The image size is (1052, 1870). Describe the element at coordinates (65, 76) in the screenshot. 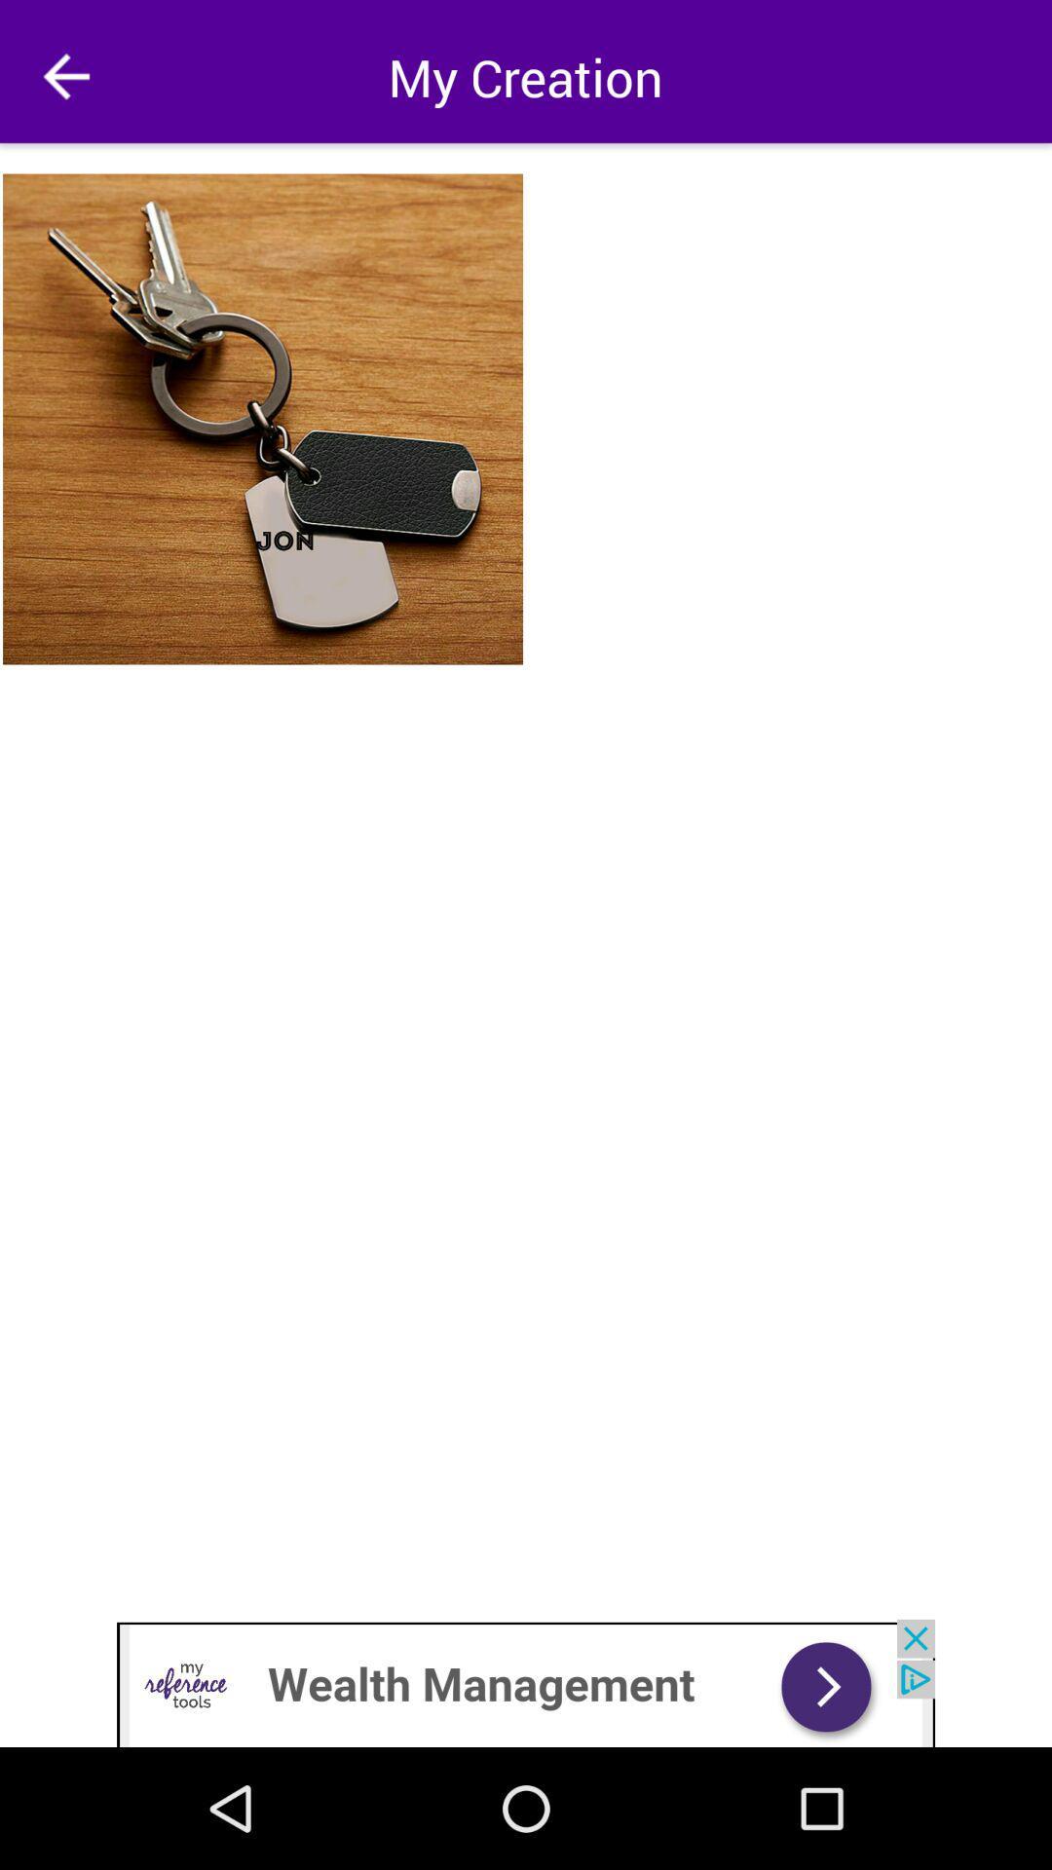

I see `go back` at that location.